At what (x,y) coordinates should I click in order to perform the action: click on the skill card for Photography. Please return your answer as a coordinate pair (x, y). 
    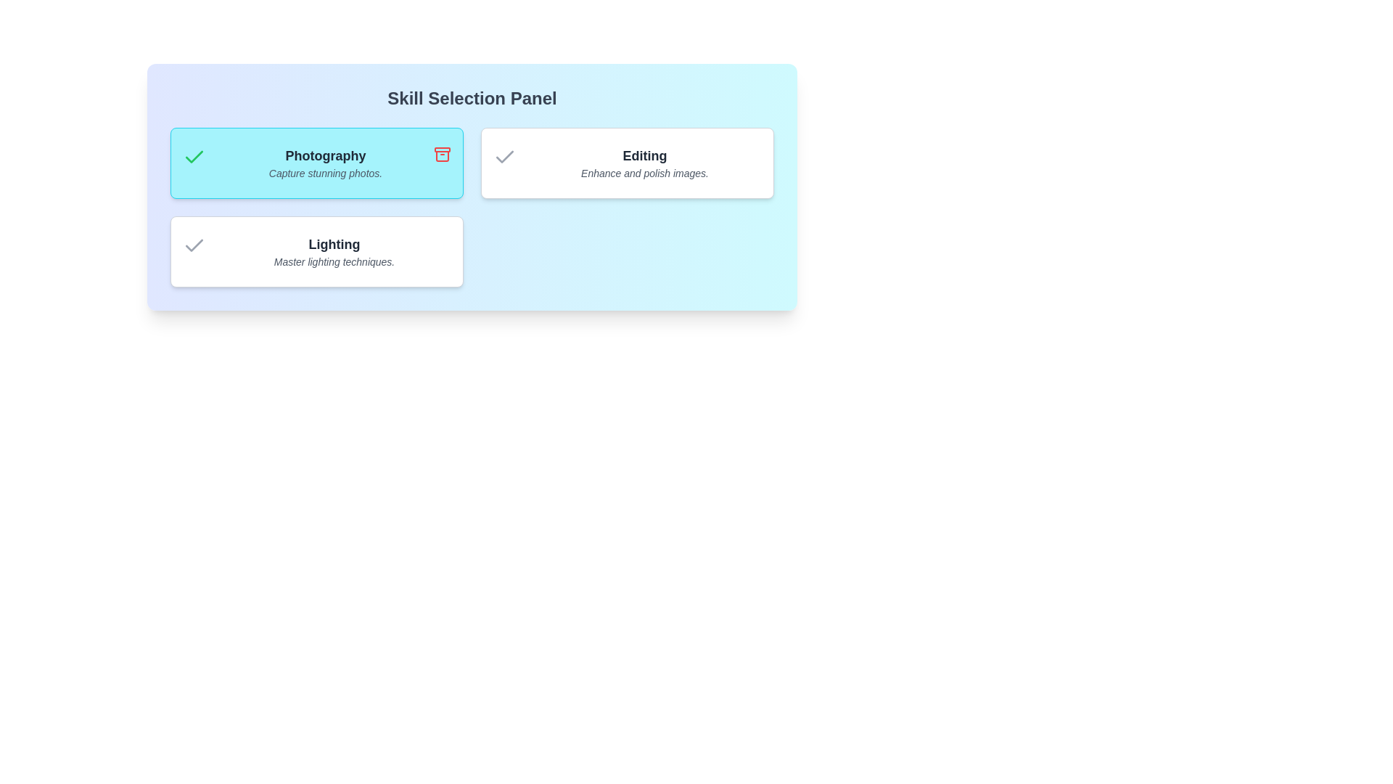
    Looking at the image, I should click on (316, 163).